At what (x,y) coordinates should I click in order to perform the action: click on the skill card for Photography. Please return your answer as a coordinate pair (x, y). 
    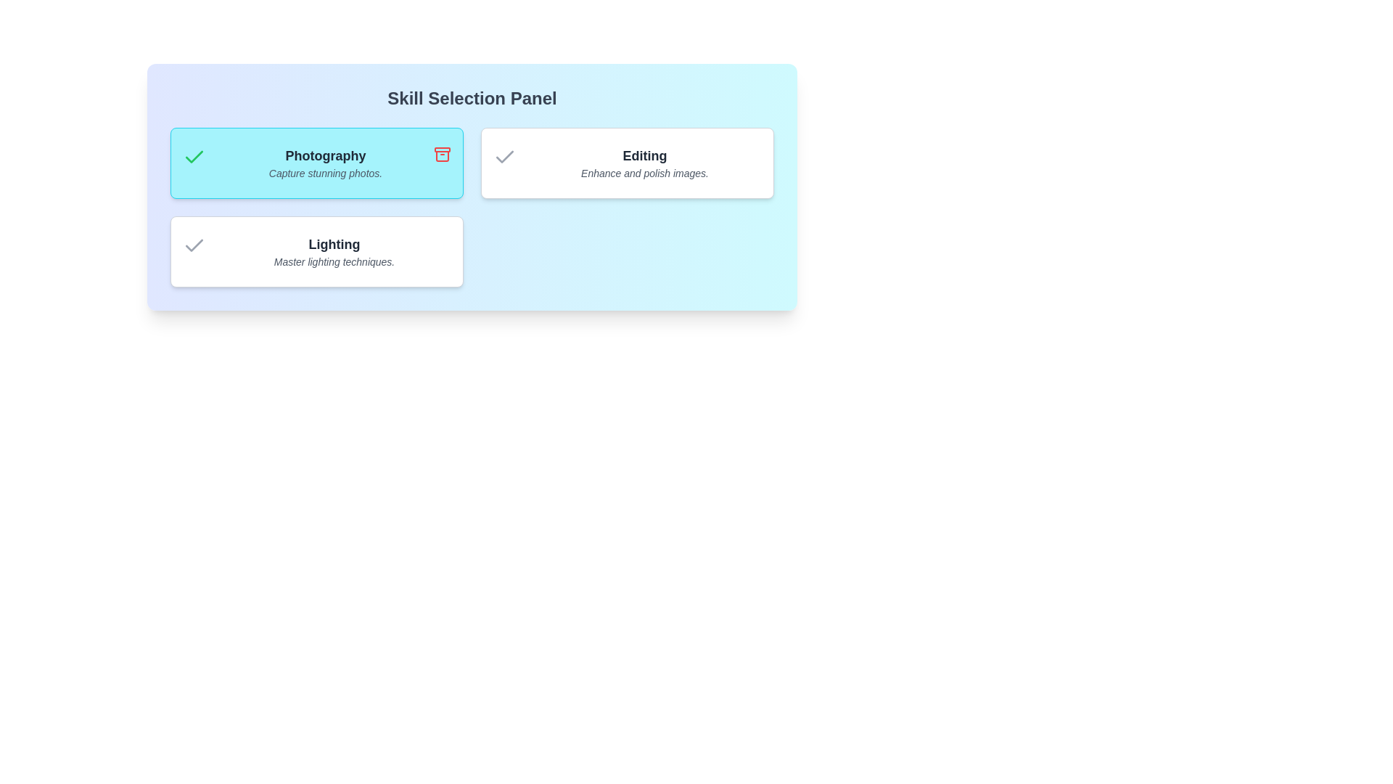
    Looking at the image, I should click on (316, 163).